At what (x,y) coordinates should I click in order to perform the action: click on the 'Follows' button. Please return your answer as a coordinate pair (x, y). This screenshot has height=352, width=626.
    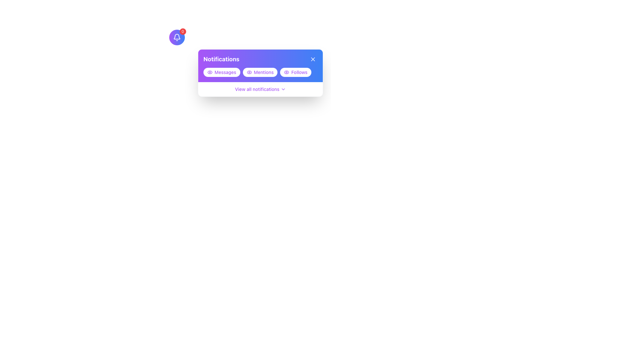
    Looking at the image, I should click on (295, 72).